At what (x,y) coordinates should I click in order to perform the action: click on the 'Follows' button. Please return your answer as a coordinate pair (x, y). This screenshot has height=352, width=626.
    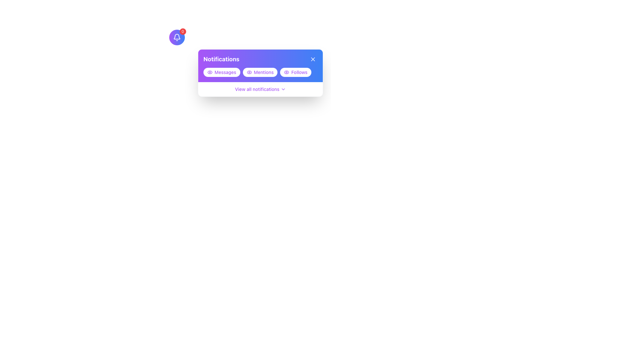
    Looking at the image, I should click on (295, 72).